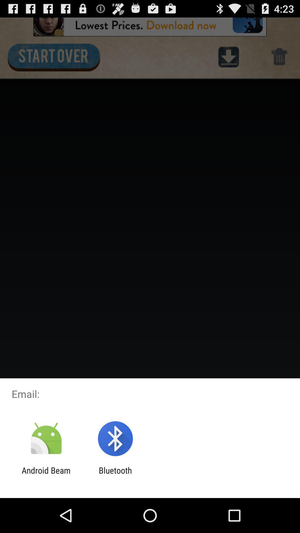 This screenshot has height=533, width=300. Describe the element at coordinates (115, 475) in the screenshot. I see `bluetooth app` at that location.